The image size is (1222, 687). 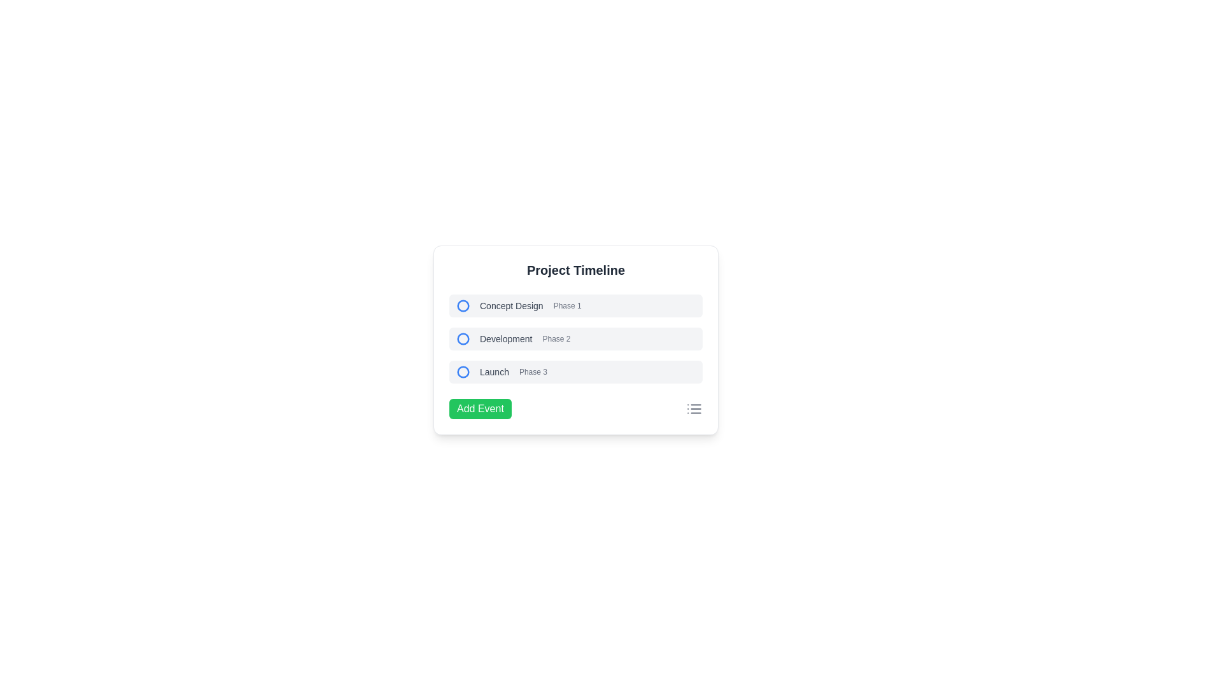 What do you see at coordinates (575, 372) in the screenshot?
I see `the third list item labeled 'Phase 3' in the project timeline` at bounding box center [575, 372].